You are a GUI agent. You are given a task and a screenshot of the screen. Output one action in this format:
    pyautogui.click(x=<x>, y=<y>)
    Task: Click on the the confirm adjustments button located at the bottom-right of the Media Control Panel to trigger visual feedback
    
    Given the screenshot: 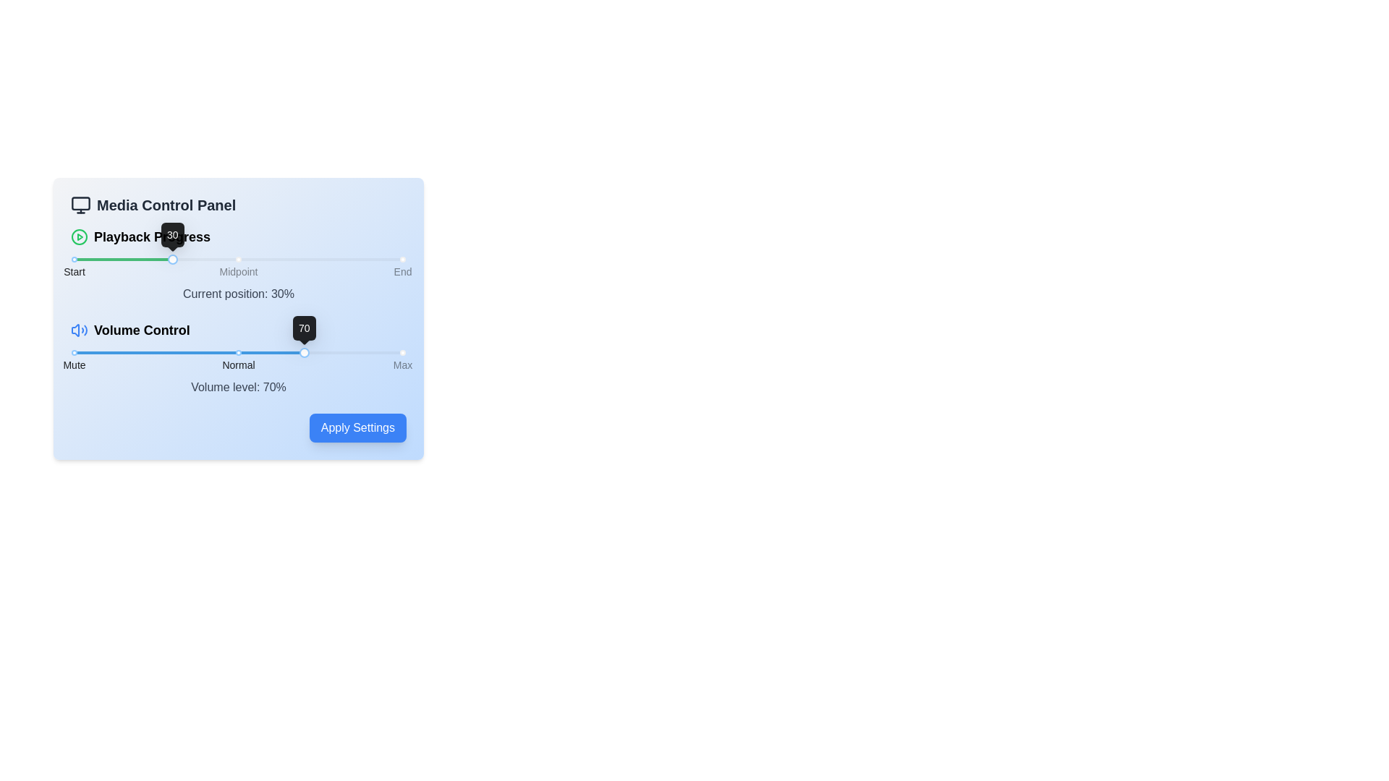 What is the action you would take?
    pyautogui.click(x=239, y=427)
    